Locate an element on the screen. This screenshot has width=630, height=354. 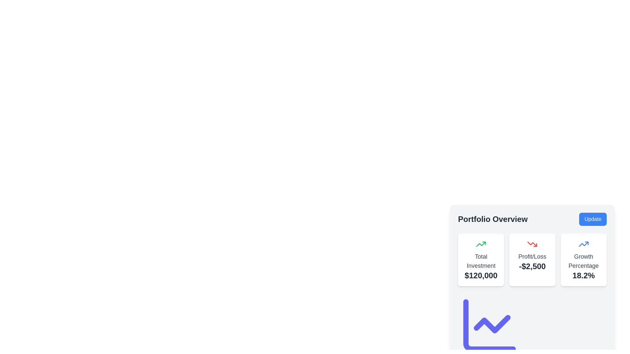
the green upward-trending arrow icon located in the upper-left corner of the financial information card, above the text 'Total Investment' and '$120,000' is located at coordinates (481, 244).